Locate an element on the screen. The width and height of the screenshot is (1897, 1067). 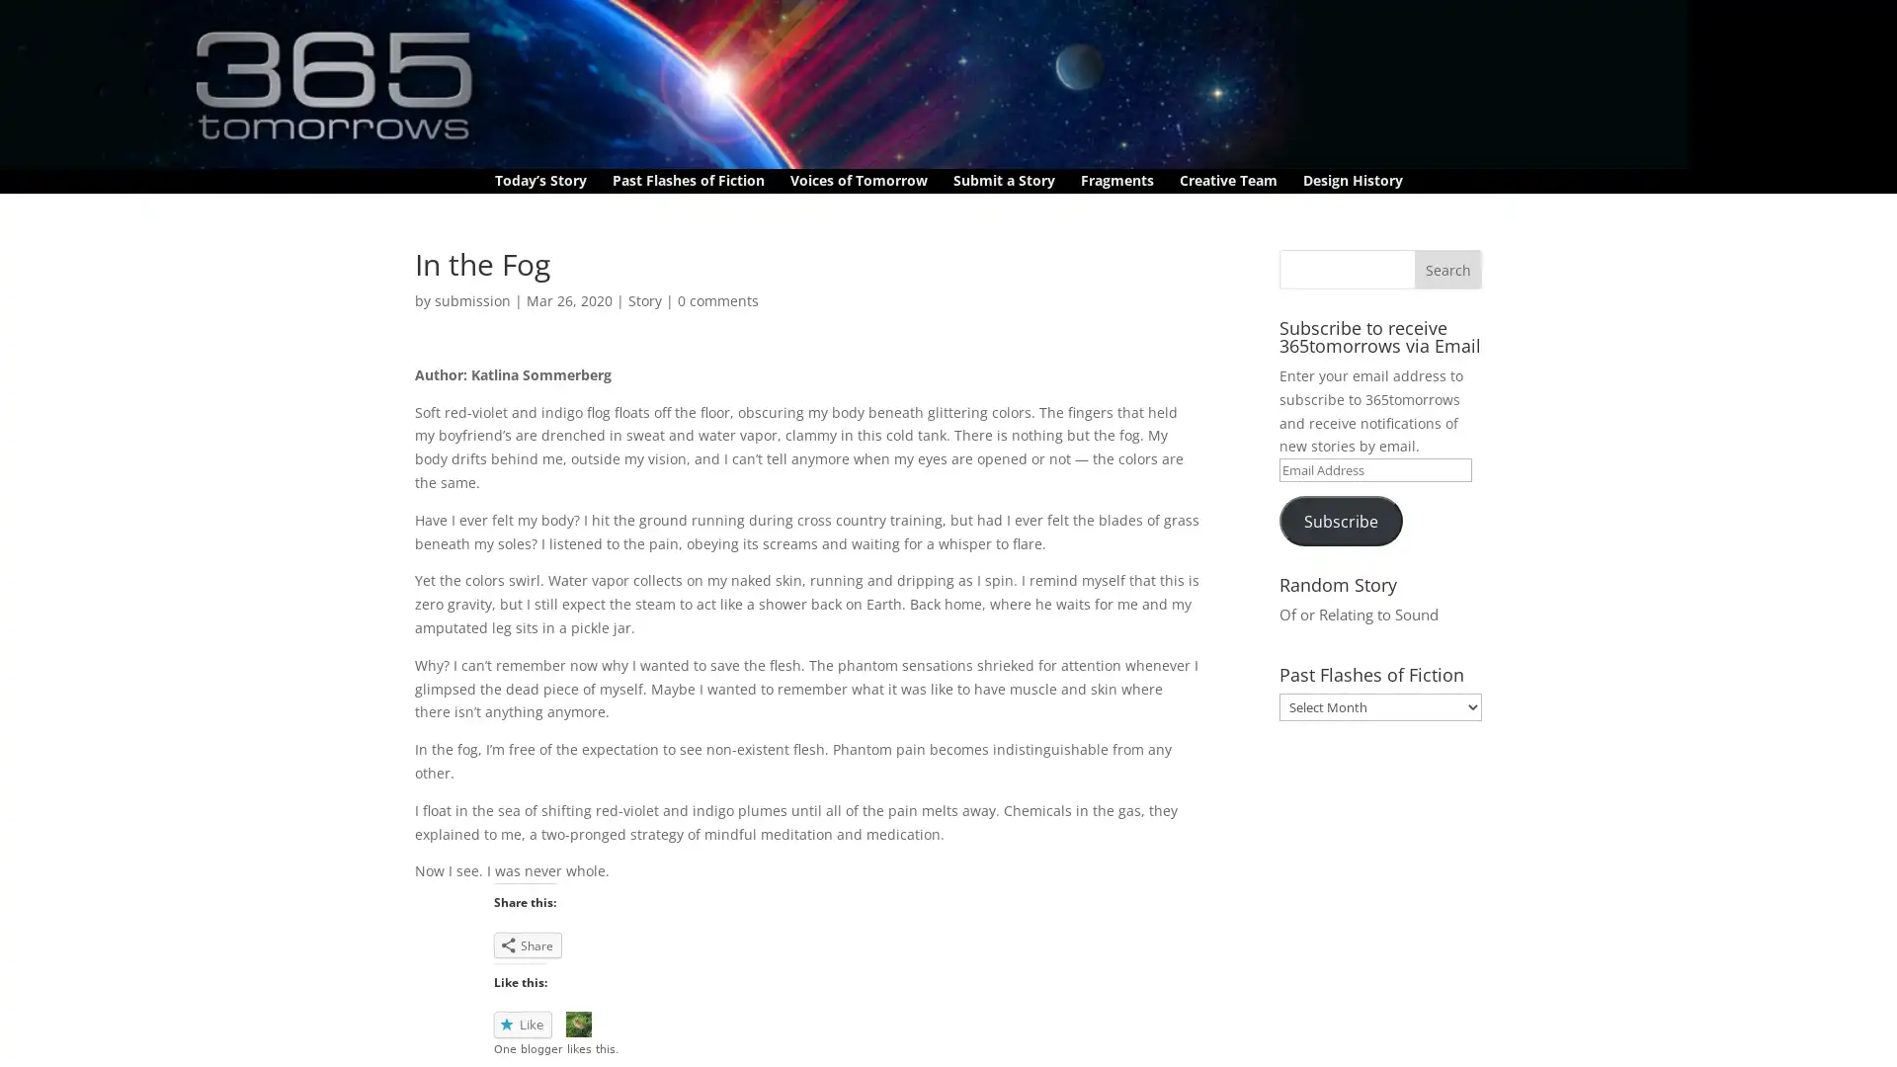
Search is located at coordinates (1447, 270).